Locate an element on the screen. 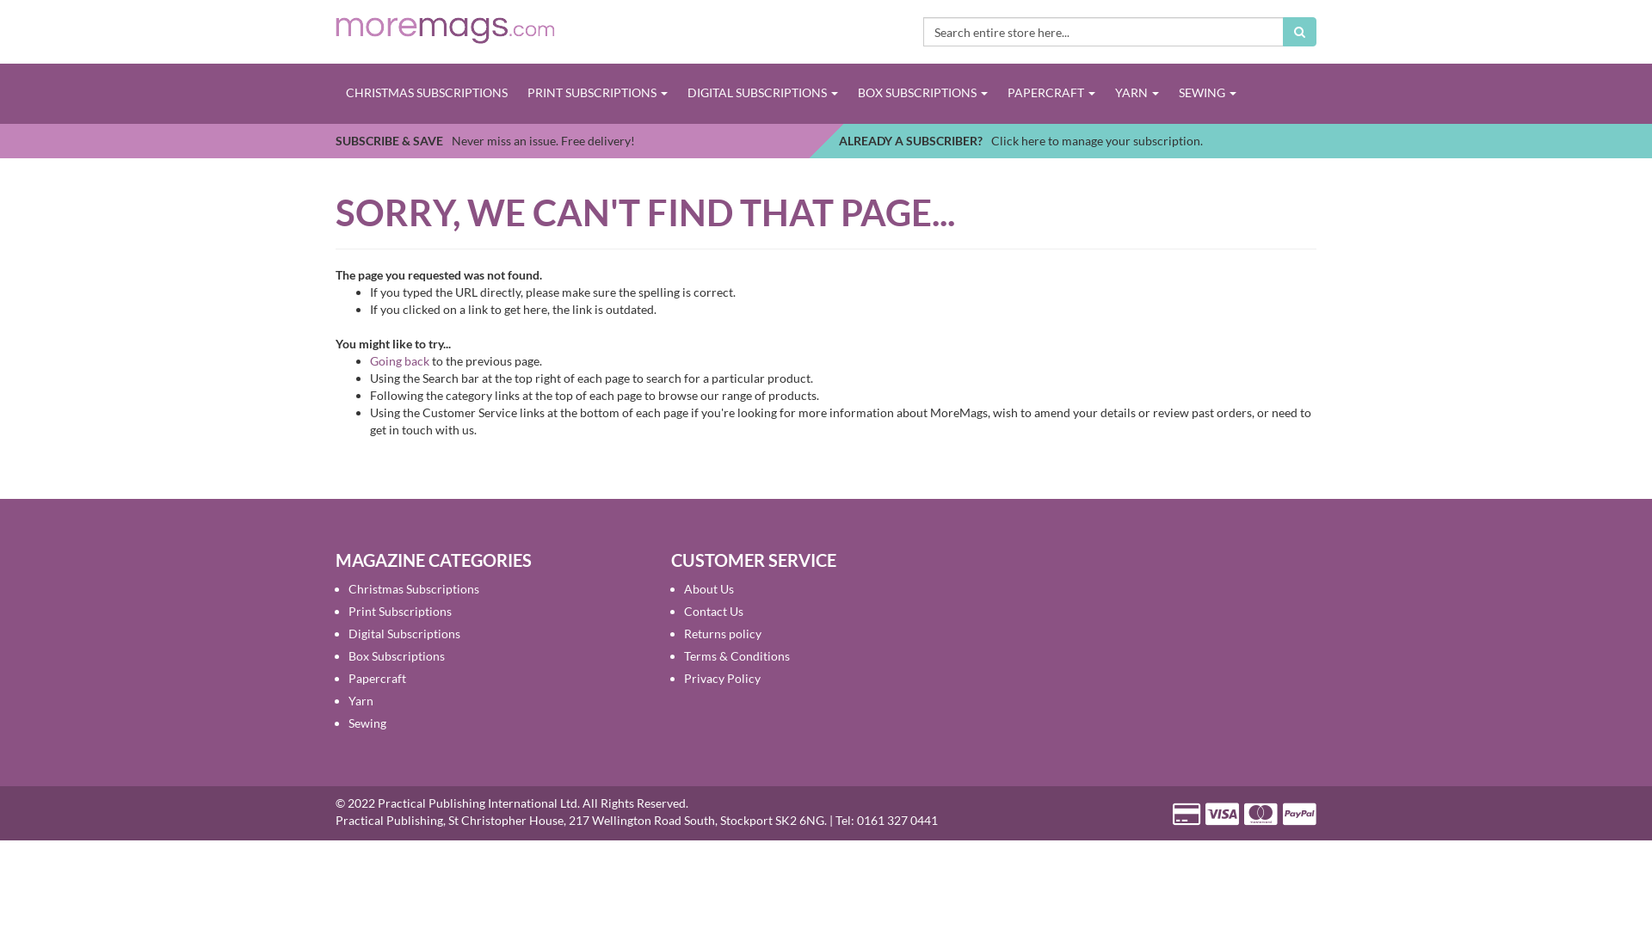 The image size is (1652, 929). 'Print Subscriptions' is located at coordinates (347, 610).